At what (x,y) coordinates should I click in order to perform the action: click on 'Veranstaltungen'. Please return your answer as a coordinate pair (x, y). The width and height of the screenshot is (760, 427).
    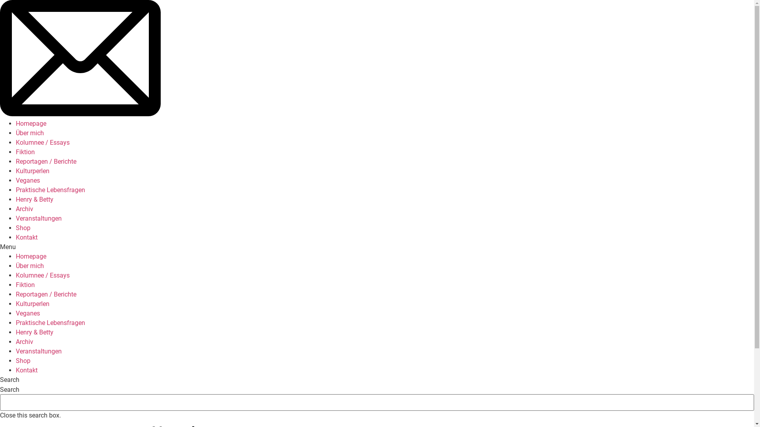
    Looking at the image, I should click on (38, 218).